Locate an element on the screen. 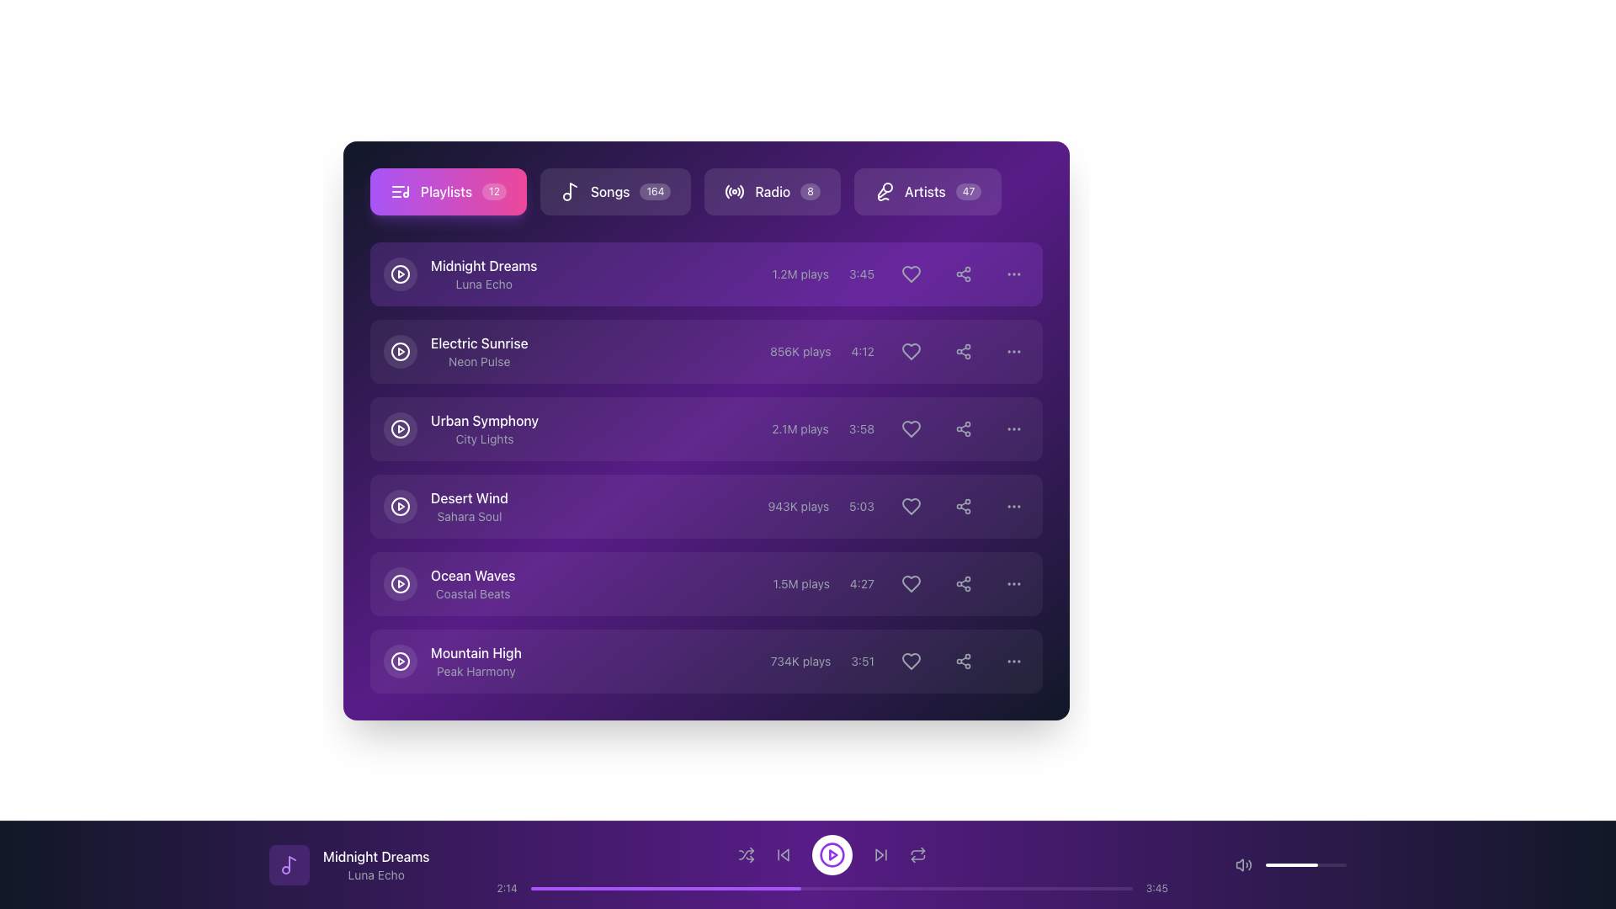 This screenshot has width=1616, height=909. the third list item titled 'Urban Symphony' to play the track is located at coordinates (706, 428).